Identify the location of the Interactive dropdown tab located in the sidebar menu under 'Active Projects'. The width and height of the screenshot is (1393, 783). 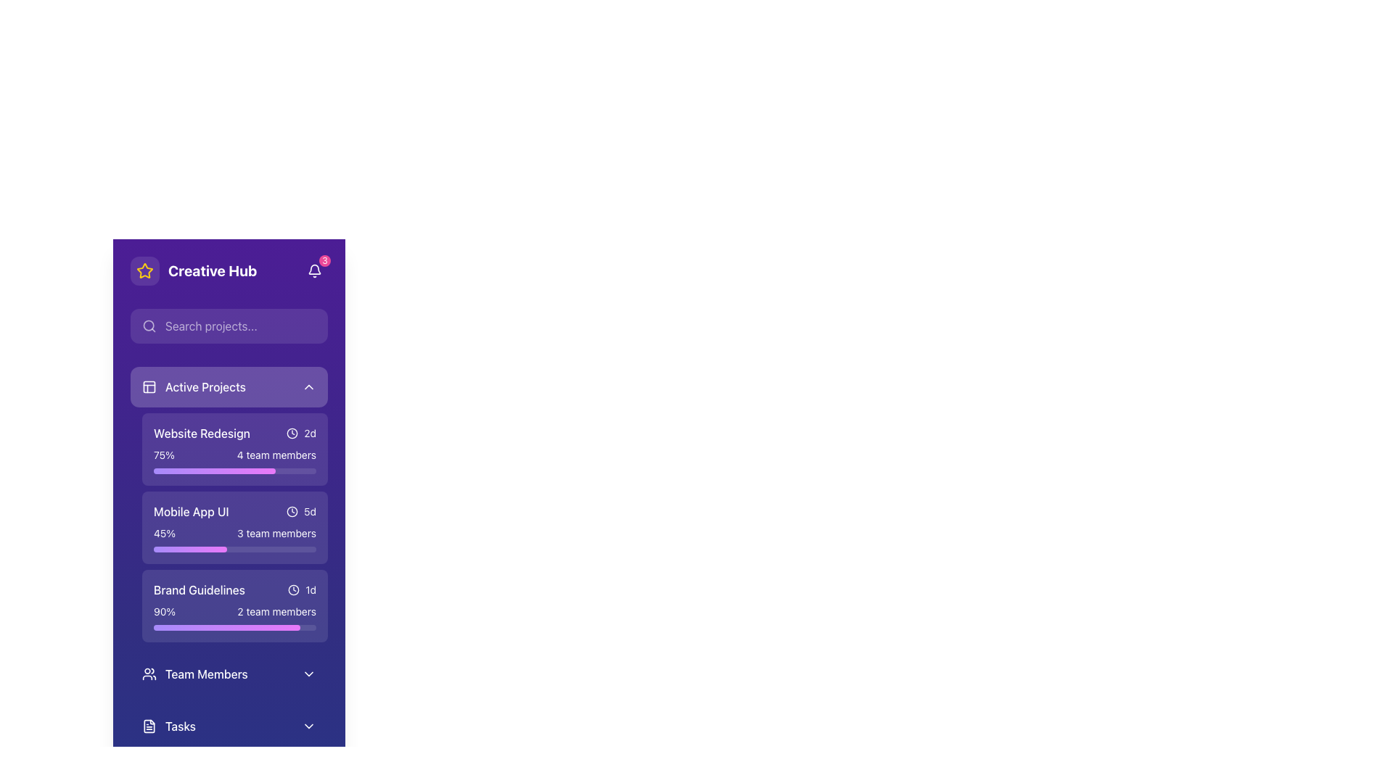
(229, 674).